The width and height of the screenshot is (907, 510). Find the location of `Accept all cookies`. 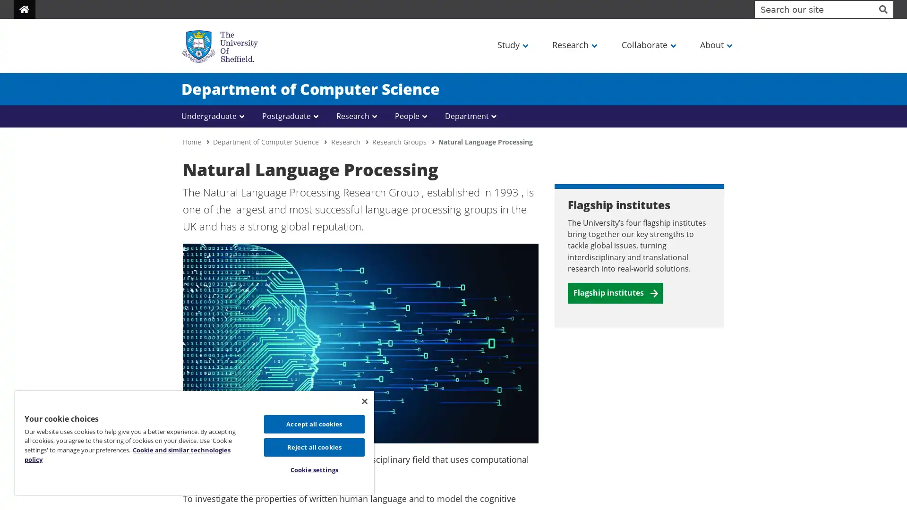

Accept all cookies is located at coordinates (314, 423).